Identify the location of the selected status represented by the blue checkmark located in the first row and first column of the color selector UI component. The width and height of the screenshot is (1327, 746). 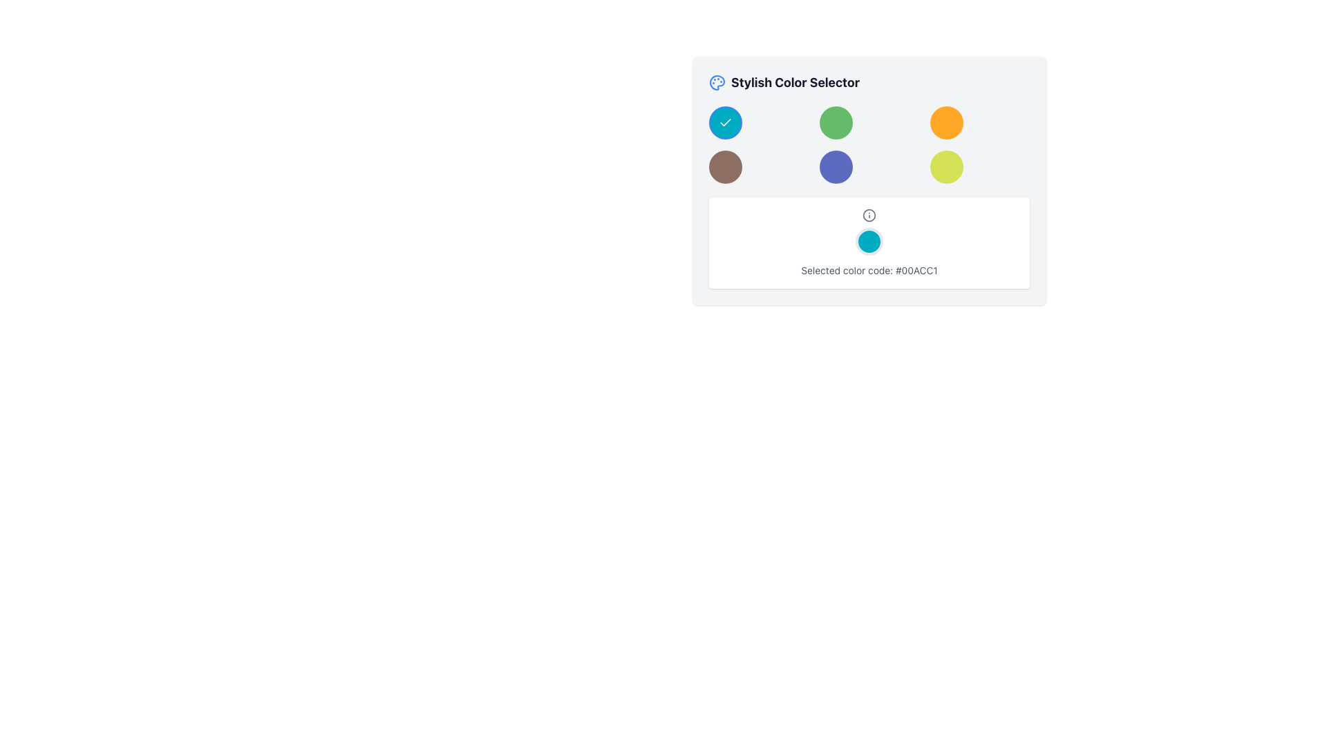
(725, 122).